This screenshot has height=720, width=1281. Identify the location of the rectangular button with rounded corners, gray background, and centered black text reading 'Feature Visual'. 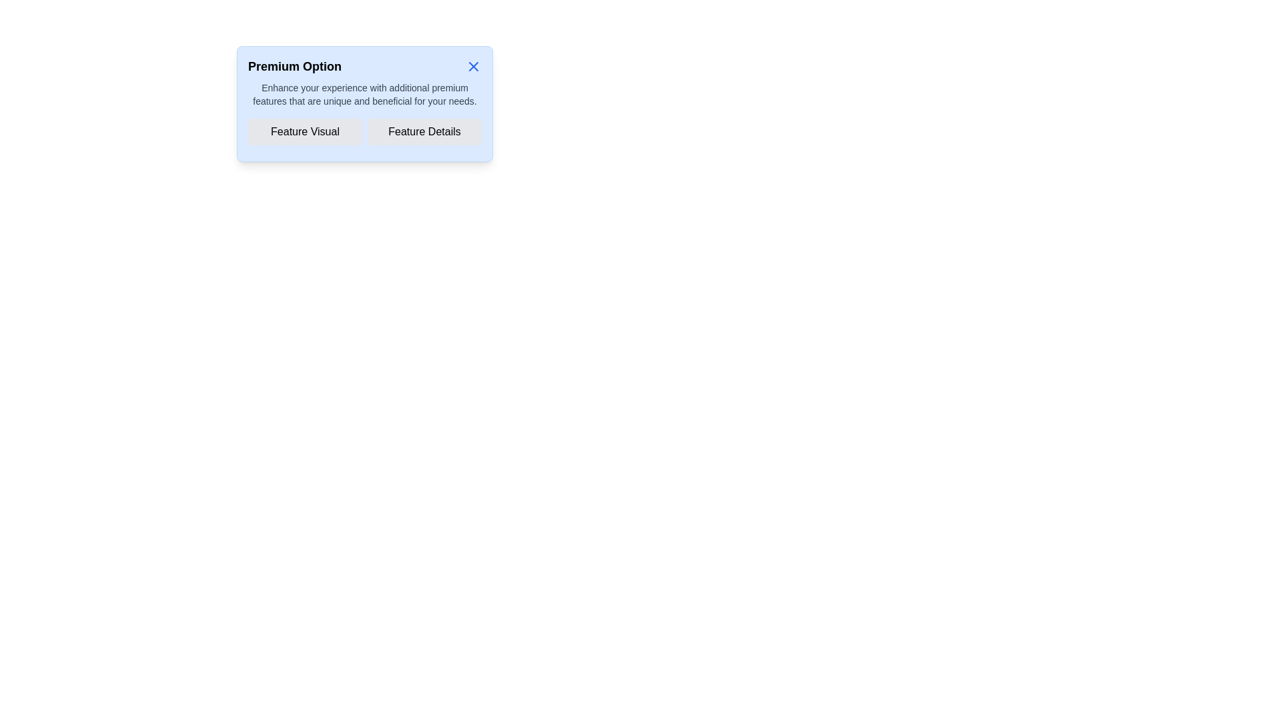
(304, 131).